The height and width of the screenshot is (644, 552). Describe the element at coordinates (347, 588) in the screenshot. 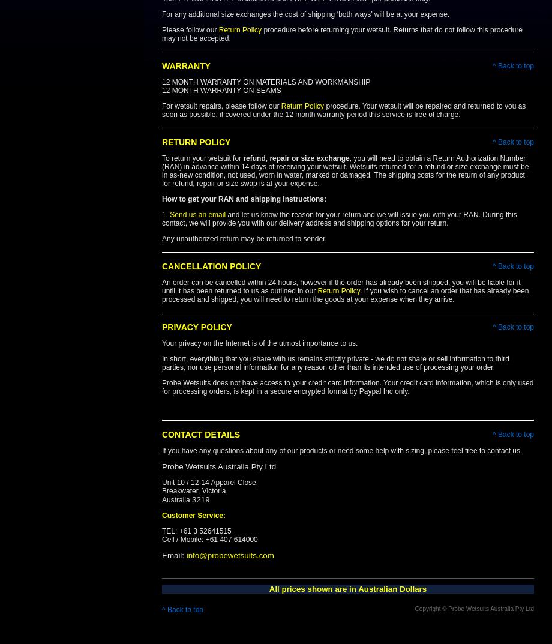

I see `'All prices shown are in Australian Dollars'` at that location.